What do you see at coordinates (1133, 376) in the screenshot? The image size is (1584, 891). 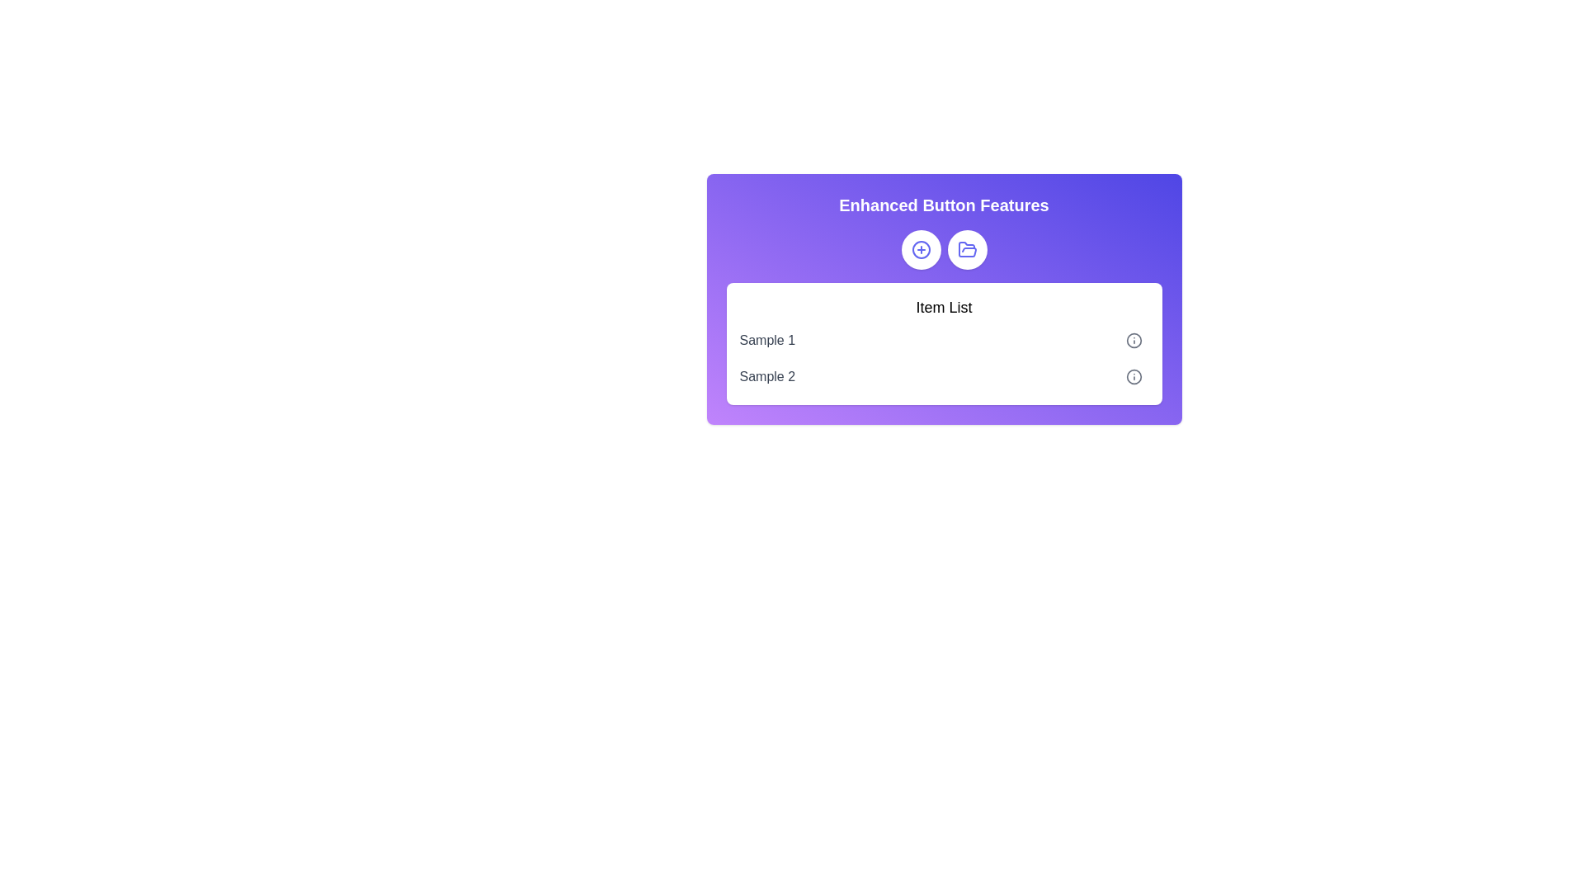 I see `the informational button located to the far right of the 'Sample 2' item` at bounding box center [1133, 376].